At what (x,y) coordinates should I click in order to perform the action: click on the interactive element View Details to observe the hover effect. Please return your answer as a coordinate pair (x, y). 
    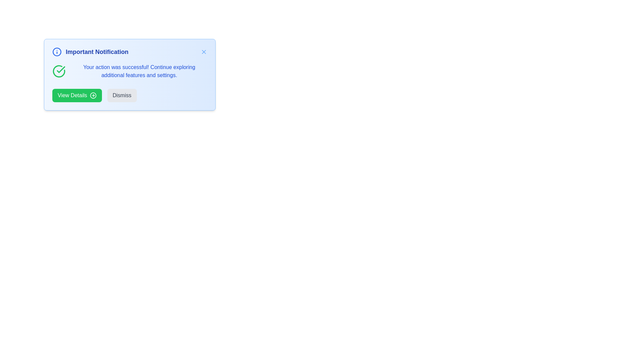
    Looking at the image, I should click on (77, 96).